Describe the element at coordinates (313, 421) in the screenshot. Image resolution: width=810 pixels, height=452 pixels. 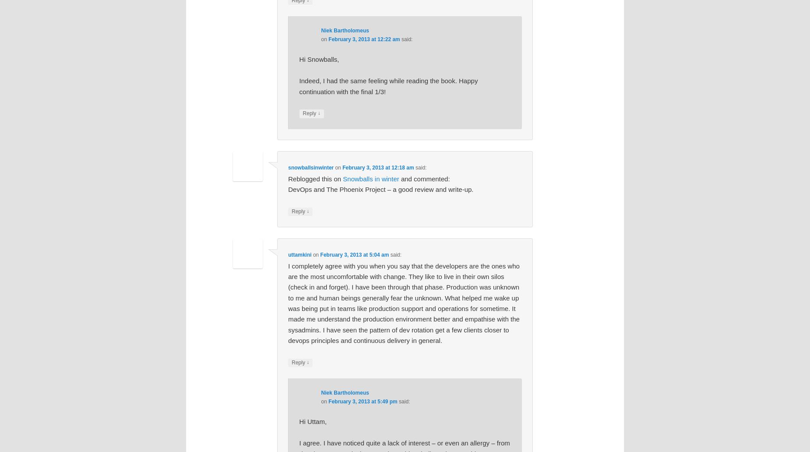
I see `'Hi Uttam,'` at that location.